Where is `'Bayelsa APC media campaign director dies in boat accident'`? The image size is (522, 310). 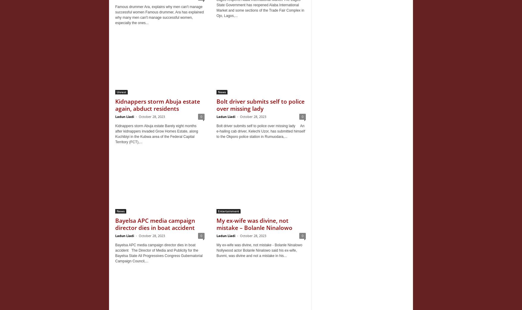
'Bayelsa APC media campaign director dies in boat accident' is located at coordinates (115, 224).